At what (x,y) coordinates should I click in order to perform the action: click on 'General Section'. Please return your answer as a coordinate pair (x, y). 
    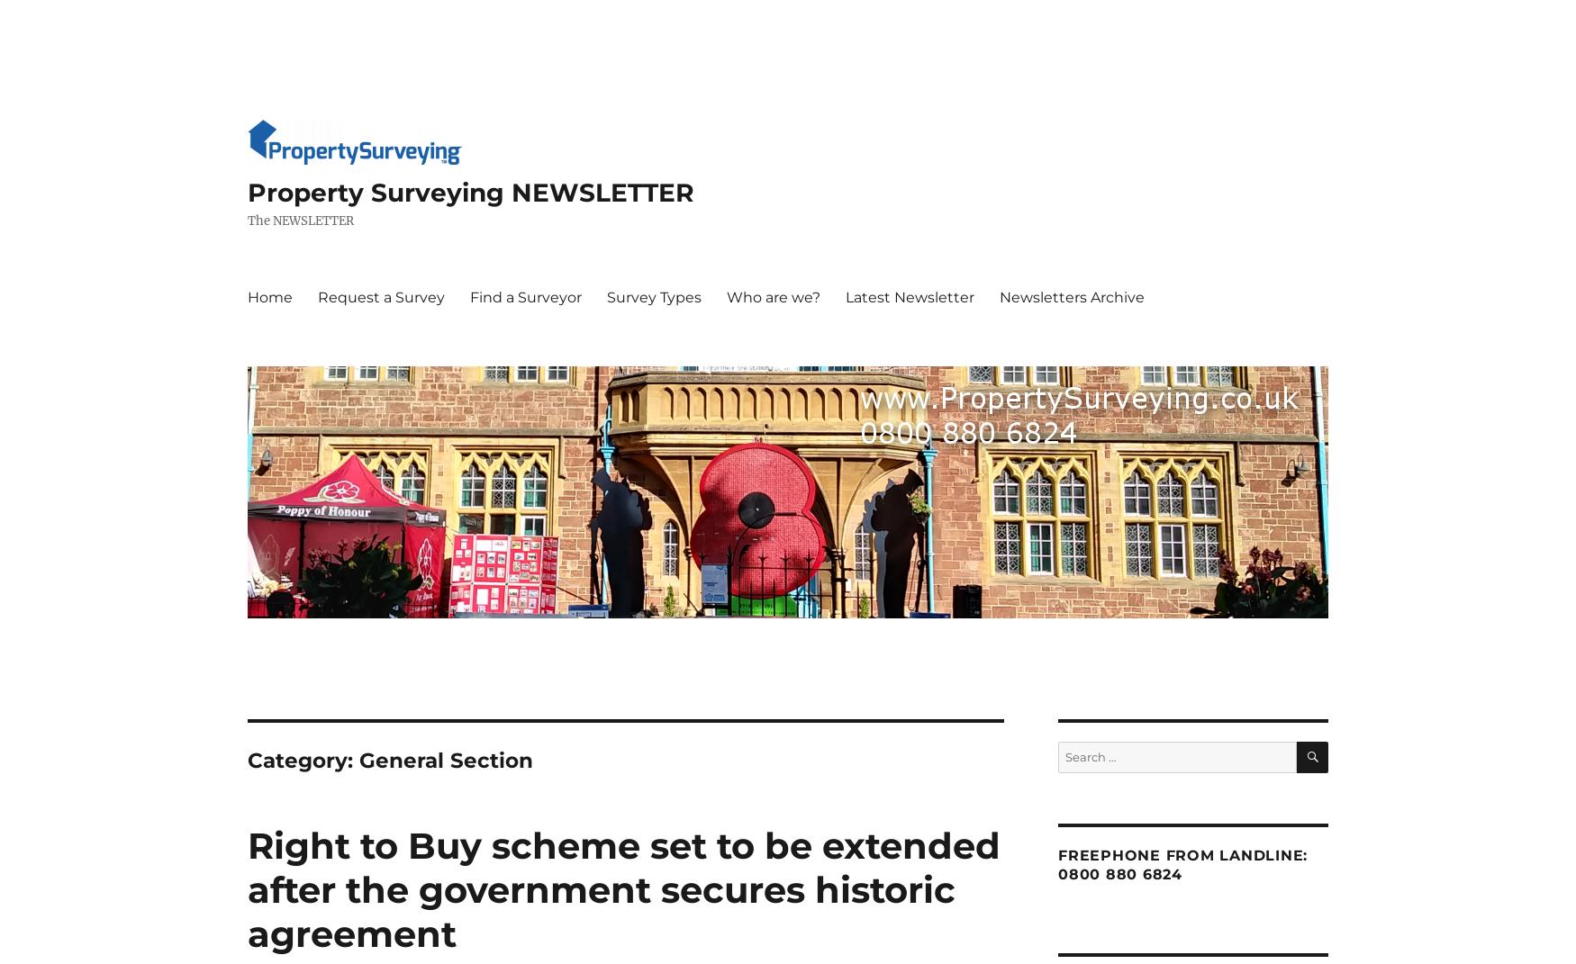
    Looking at the image, I should click on (446, 761).